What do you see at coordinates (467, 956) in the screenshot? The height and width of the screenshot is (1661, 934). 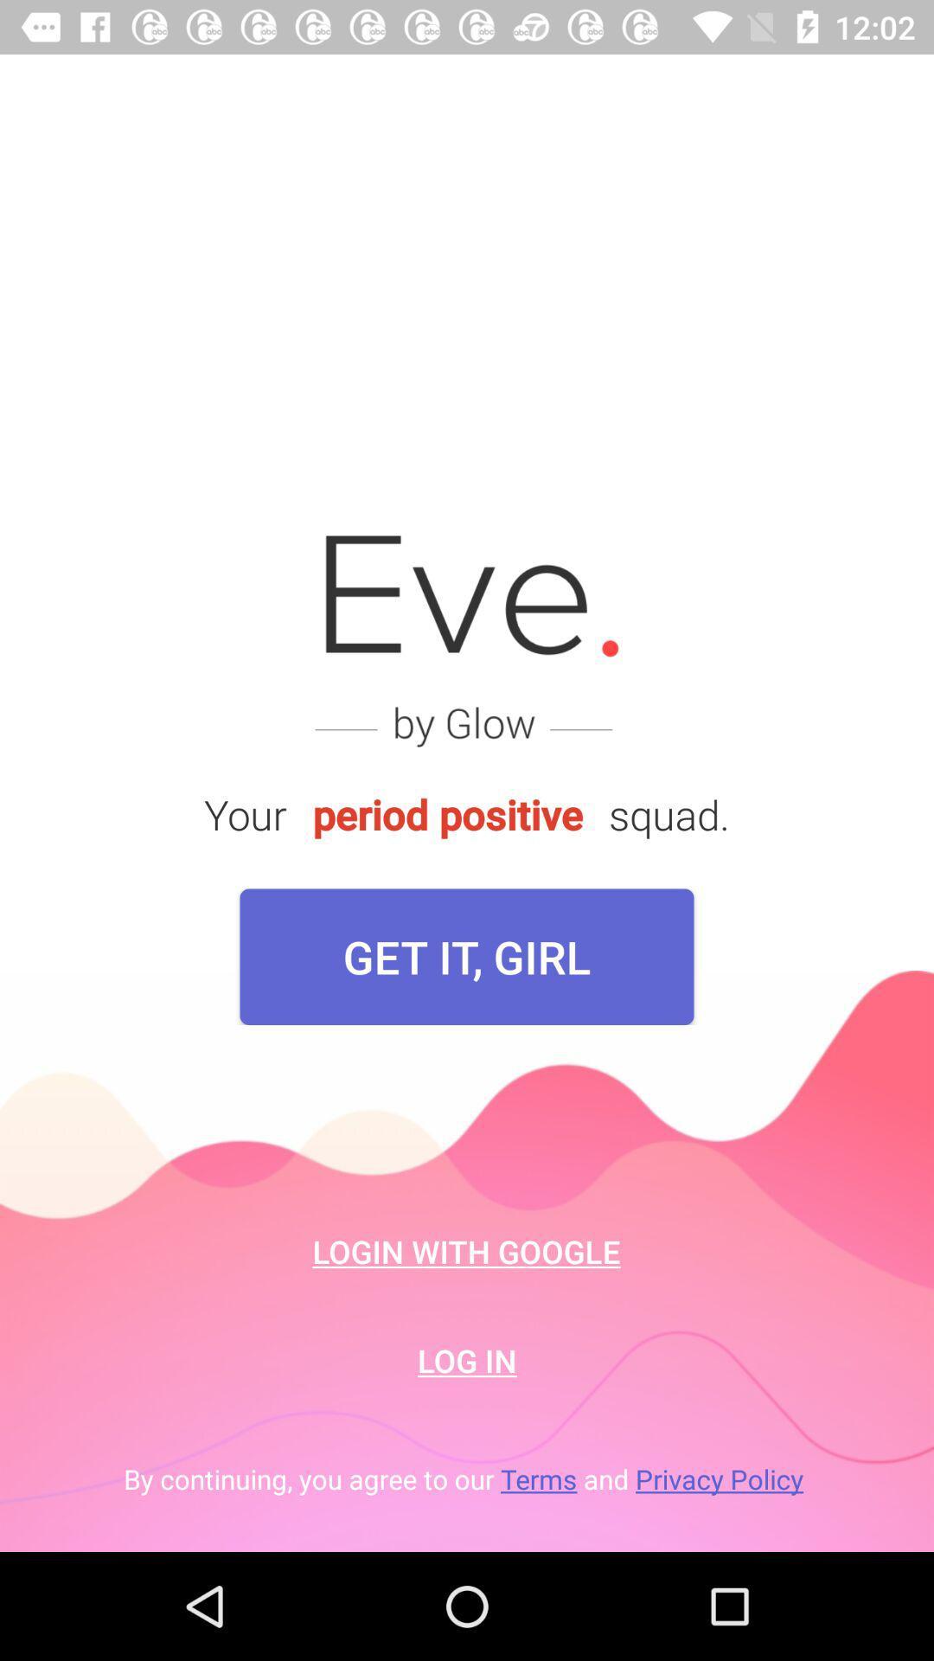 I see `the item below your item` at bounding box center [467, 956].